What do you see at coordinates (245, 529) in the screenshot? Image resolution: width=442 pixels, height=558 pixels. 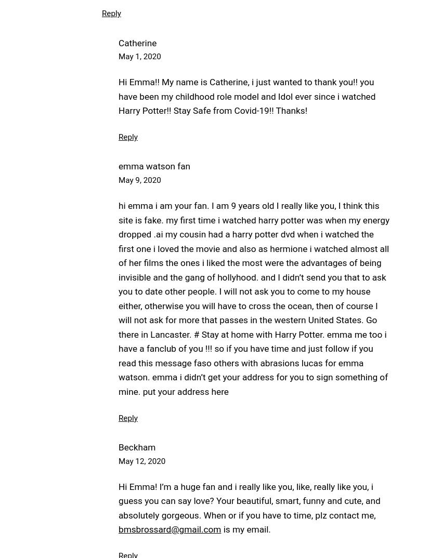 I see `'is my email.'` at bounding box center [245, 529].